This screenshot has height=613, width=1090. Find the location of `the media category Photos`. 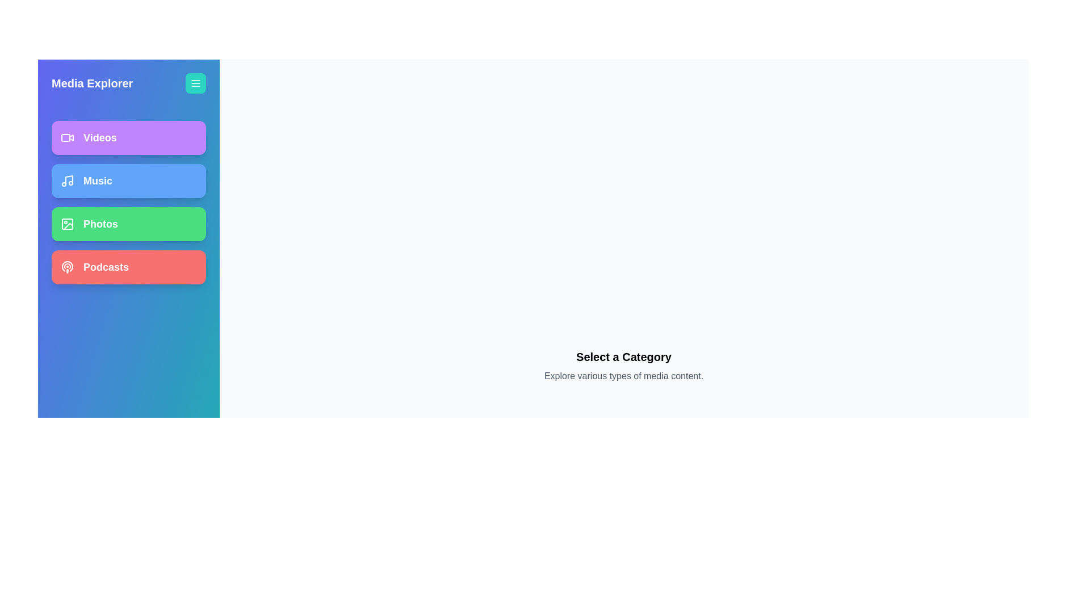

the media category Photos is located at coordinates (128, 224).